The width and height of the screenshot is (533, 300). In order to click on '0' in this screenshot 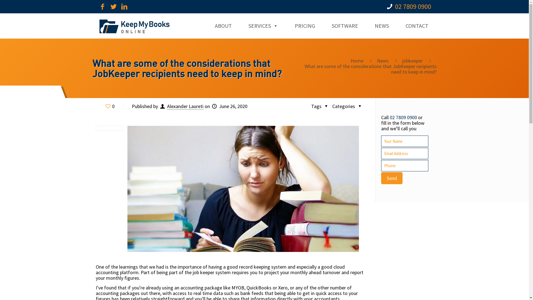, I will do `click(109, 106)`.